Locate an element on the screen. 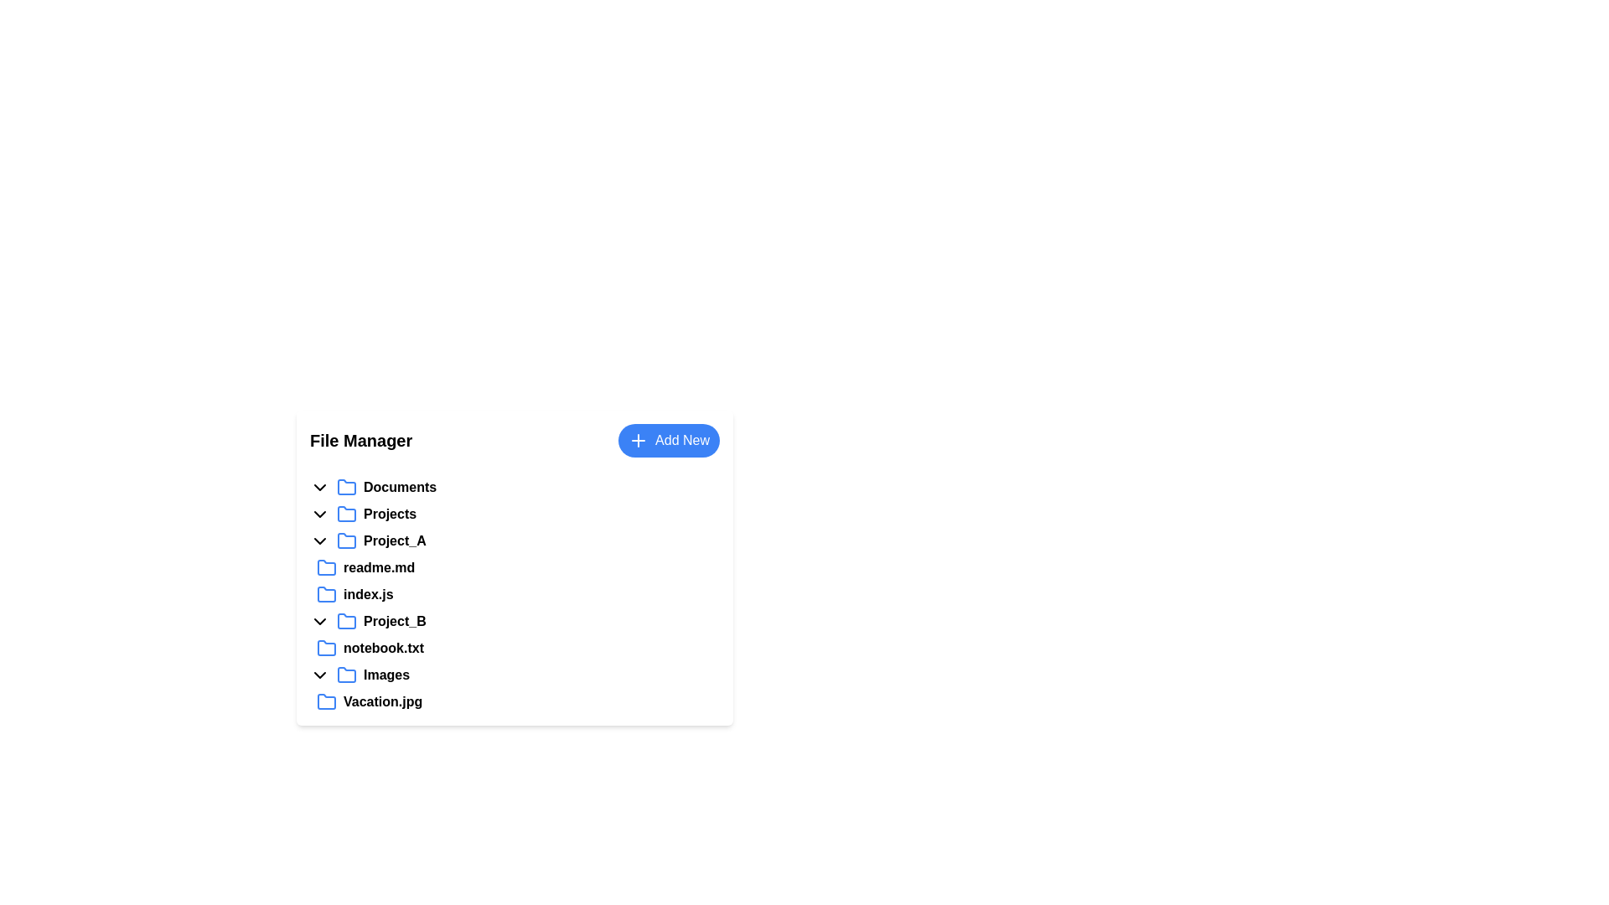  the folder icon that represents the 'readme.md' file in the Project_A directory, located to the left of the file name is located at coordinates (326, 567).